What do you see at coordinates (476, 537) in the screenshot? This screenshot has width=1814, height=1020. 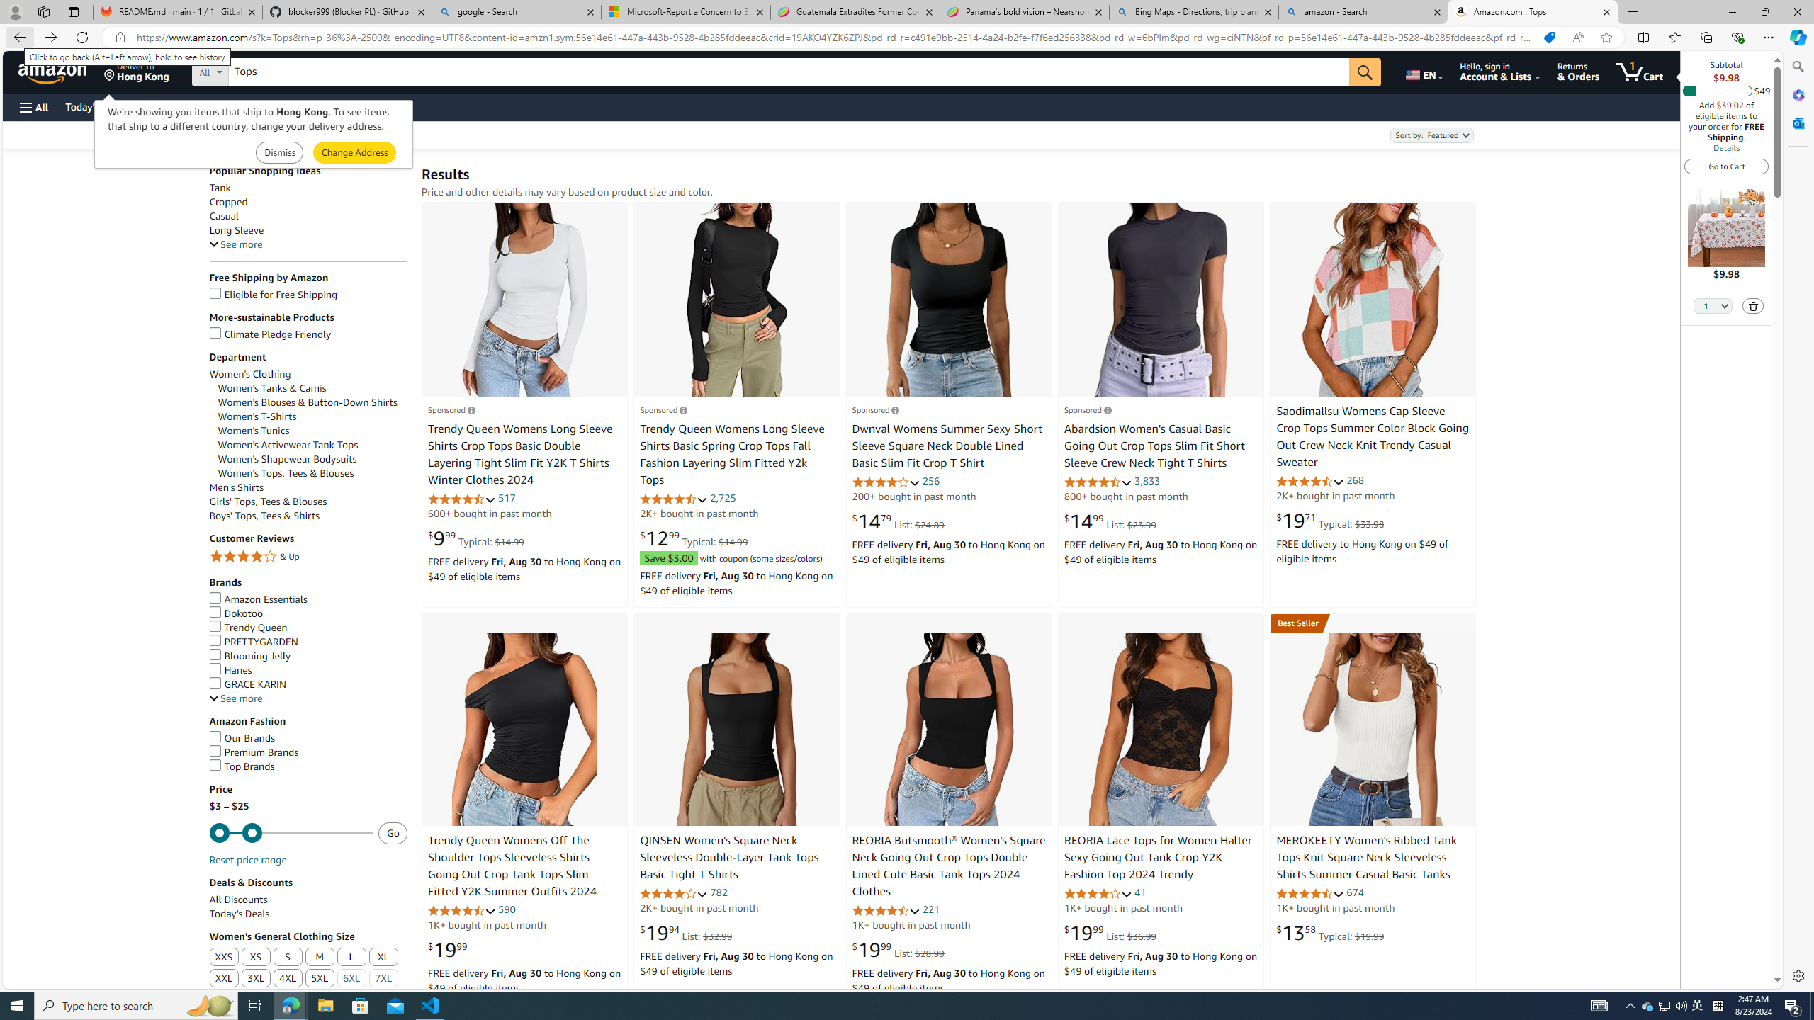 I see `'$9.99 Typical: $14.99'` at bounding box center [476, 537].